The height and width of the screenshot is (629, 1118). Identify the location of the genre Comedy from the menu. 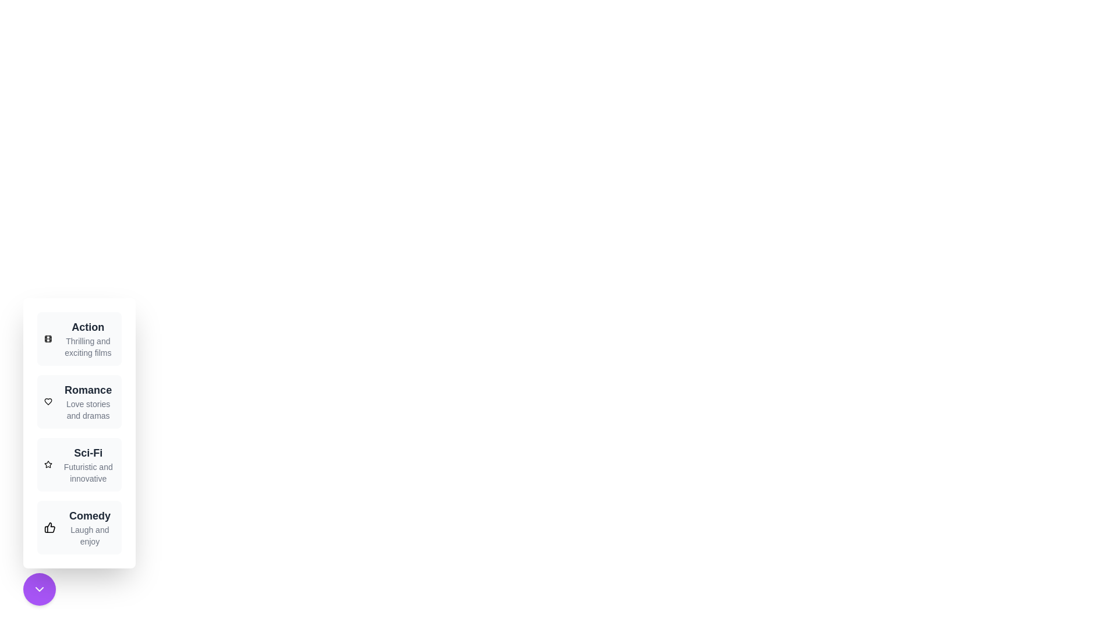
(79, 528).